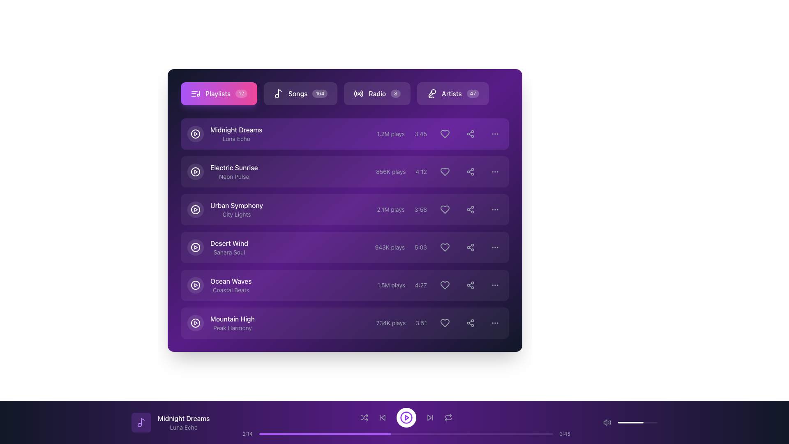 The image size is (789, 444). What do you see at coordinates (195, 323) in the screenshot?
I see `the play button located in the left section of the row labeled 'Mountain High Peak Harmony' to observe hover effects` at bounding box center [195, 323].